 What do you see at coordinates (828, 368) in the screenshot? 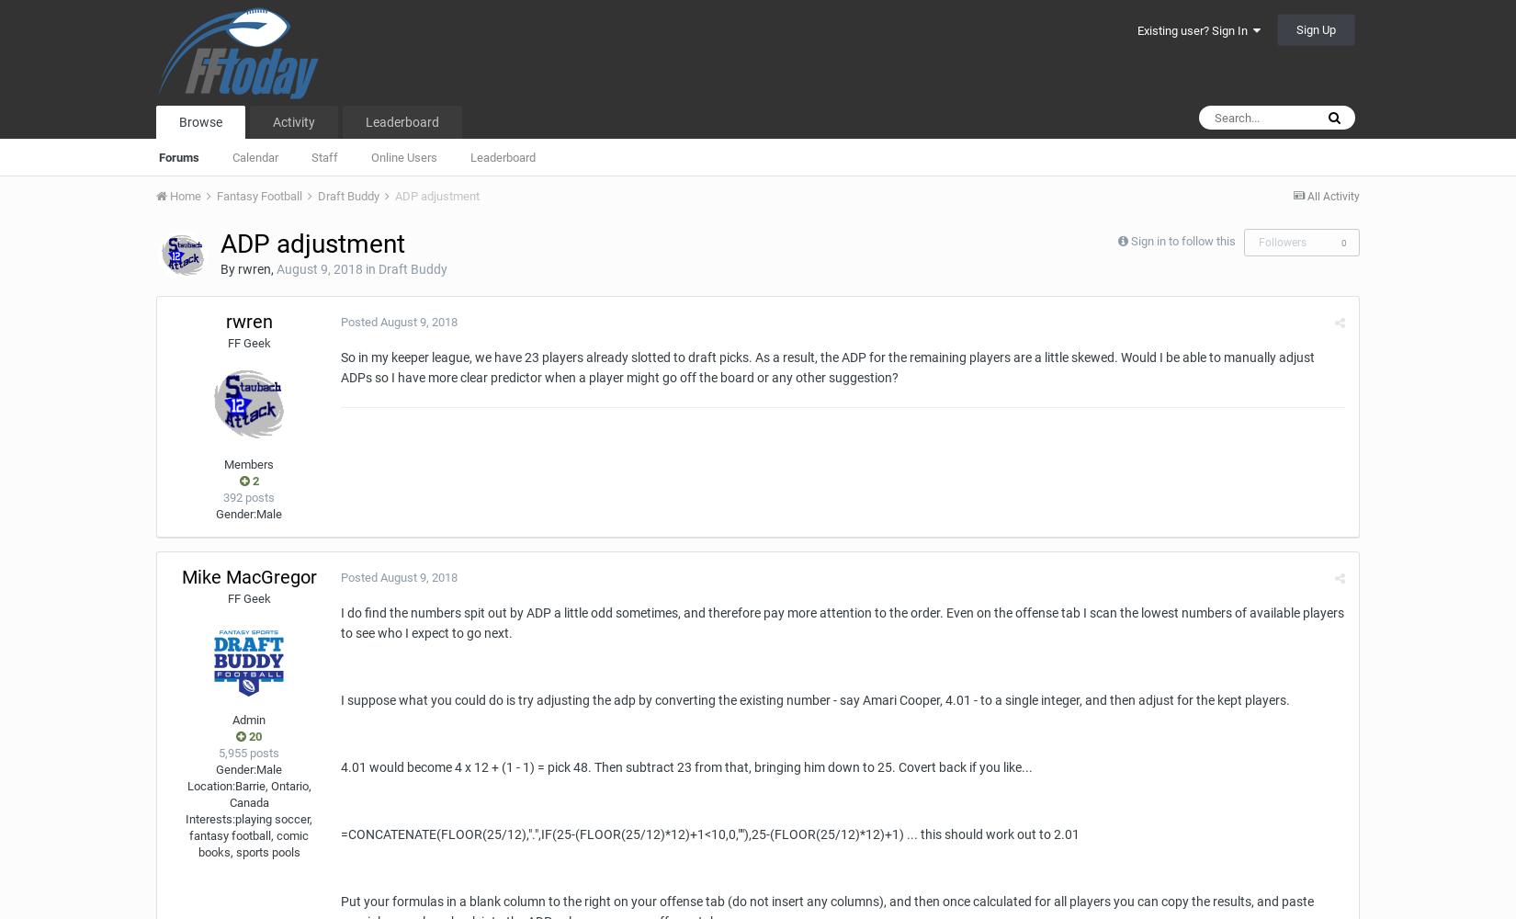
I see `'So in my keeper league, we have 23 players already slotted to draft picks. As a result, the ADP for the remaining players are a little skewed. Would I be able to manually adjust ADPs so I have more clear predictor when a player might go off the board or any other suggestion?'` at bounding box center [828, 368].